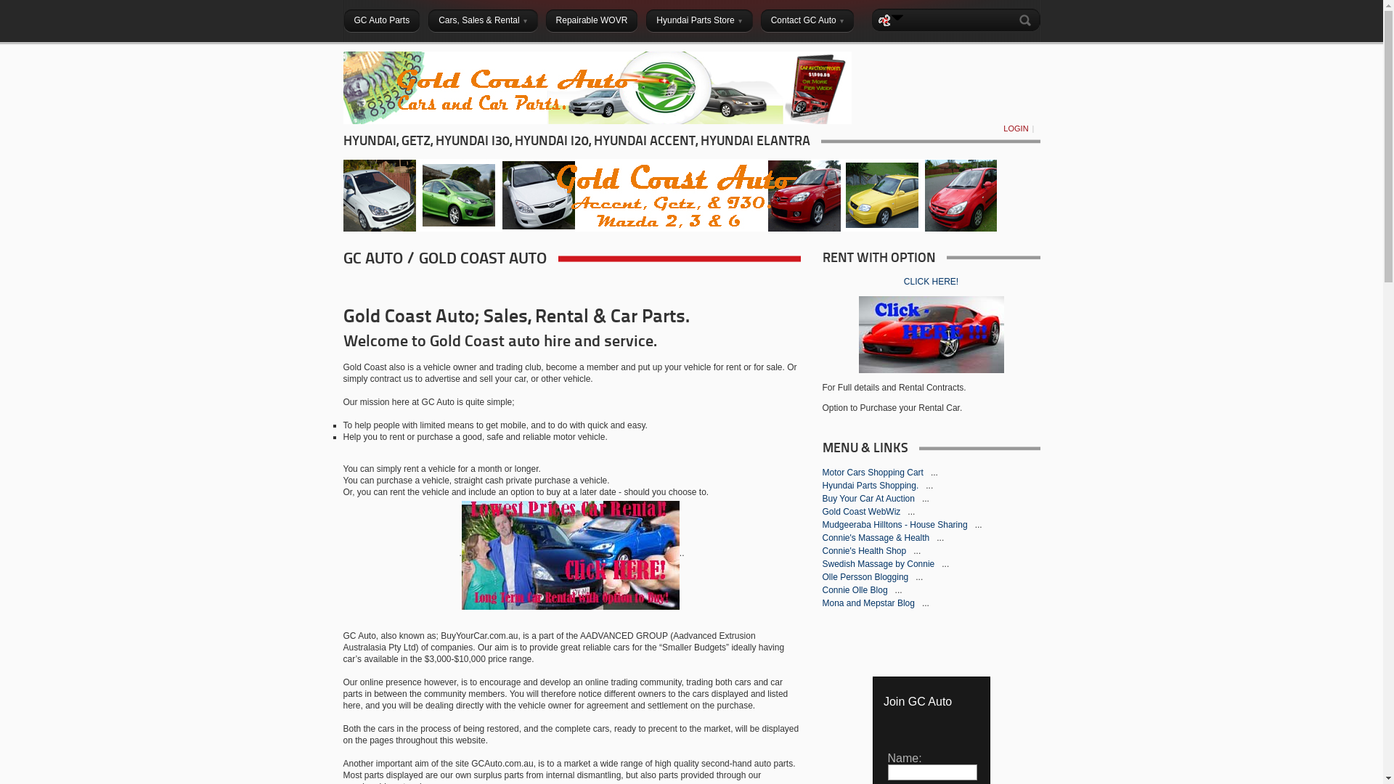 This screenshot has height=784, width=1394. What do you see at coordinates (878, 563) in the screenshot?
I see `'Swedish Massage by Connie'` at bounding box center [878, 563].